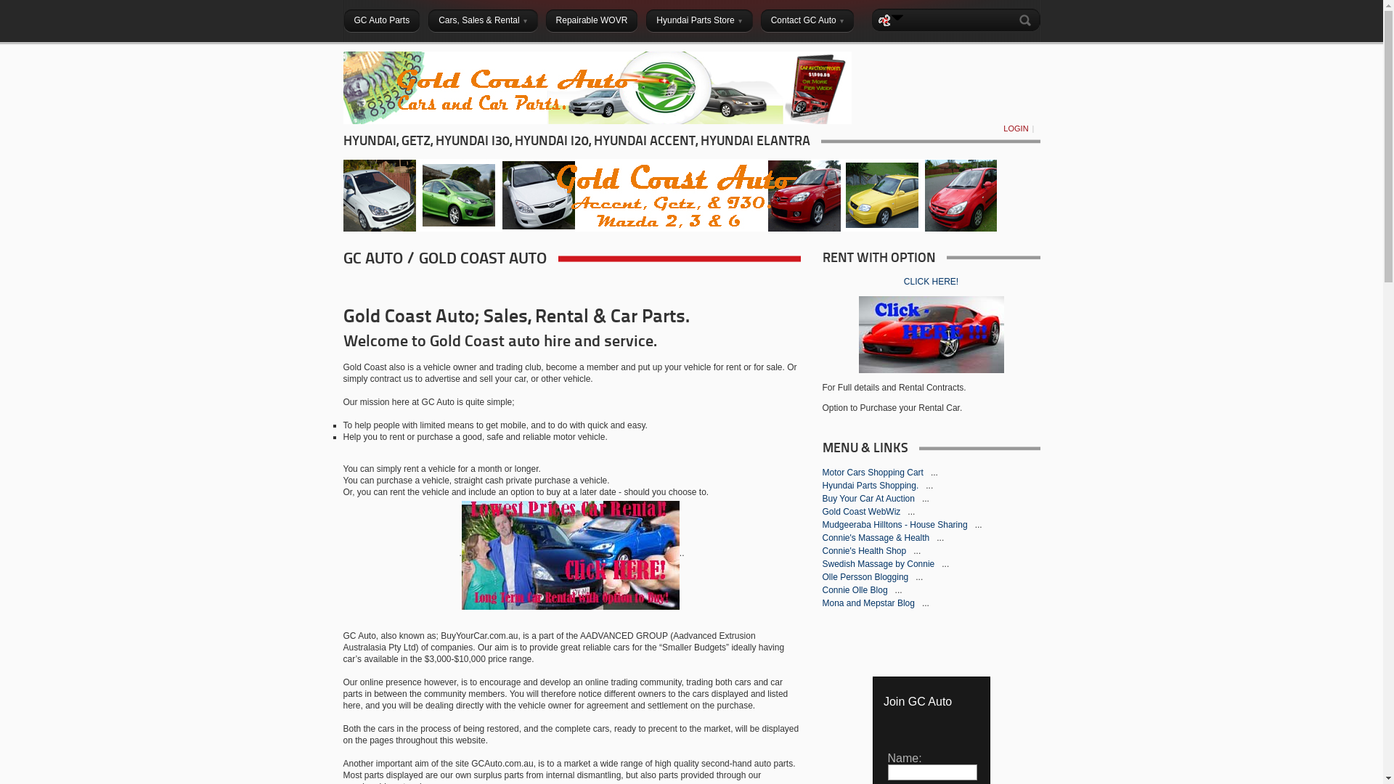 This screenshot has height=784, width=1394. What do you see at coordinates (878, 563) in the screenshot?
I see `'Swedish Massage by Connie'` at bounding box center [878, 563].